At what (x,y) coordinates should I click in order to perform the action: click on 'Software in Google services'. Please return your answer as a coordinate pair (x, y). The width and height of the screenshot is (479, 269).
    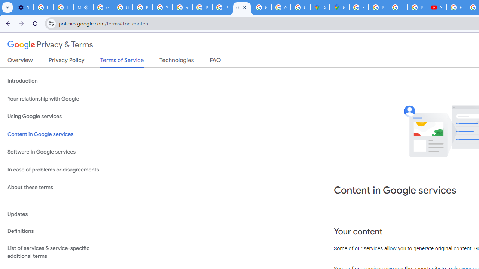
    Looking at the image, I should click on (57, 152).